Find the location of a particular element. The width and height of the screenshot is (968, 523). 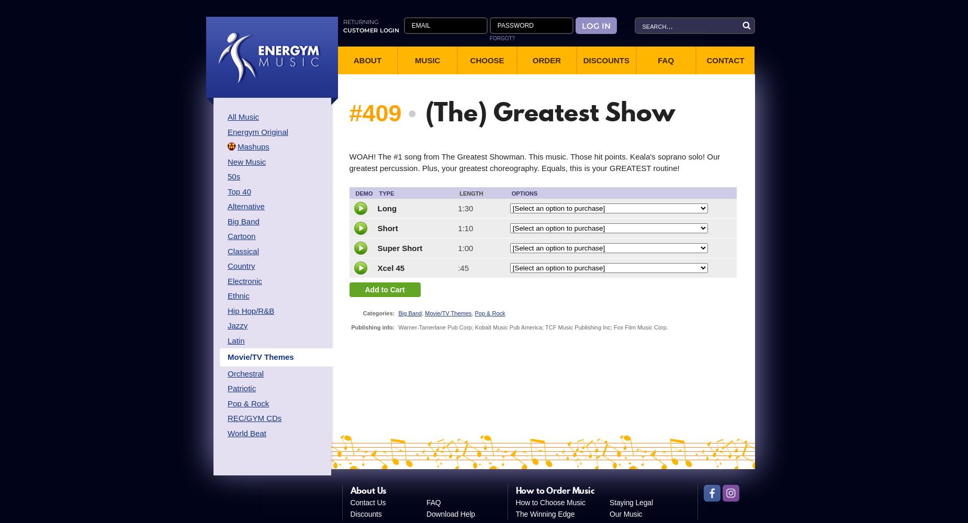

'Hip Hop/R&B' is located at coordinates (227, 310).